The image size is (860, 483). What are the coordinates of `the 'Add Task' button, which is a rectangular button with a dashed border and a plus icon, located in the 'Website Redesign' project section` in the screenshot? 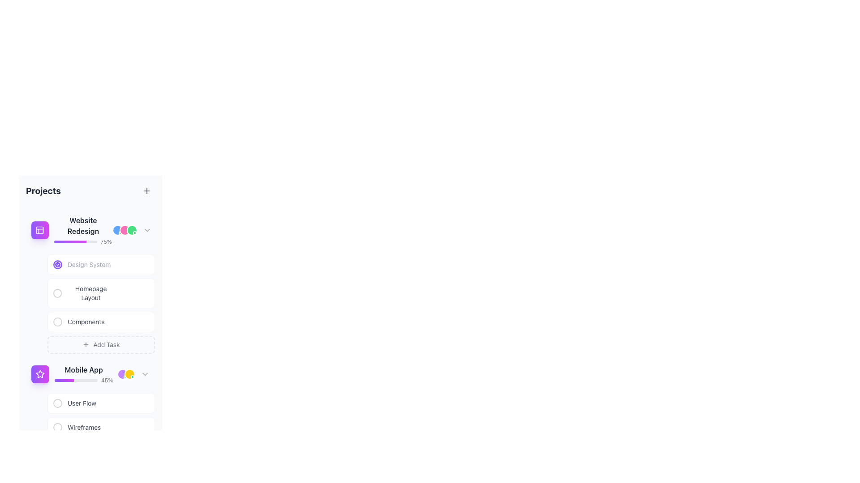 It's located at (101, 344).